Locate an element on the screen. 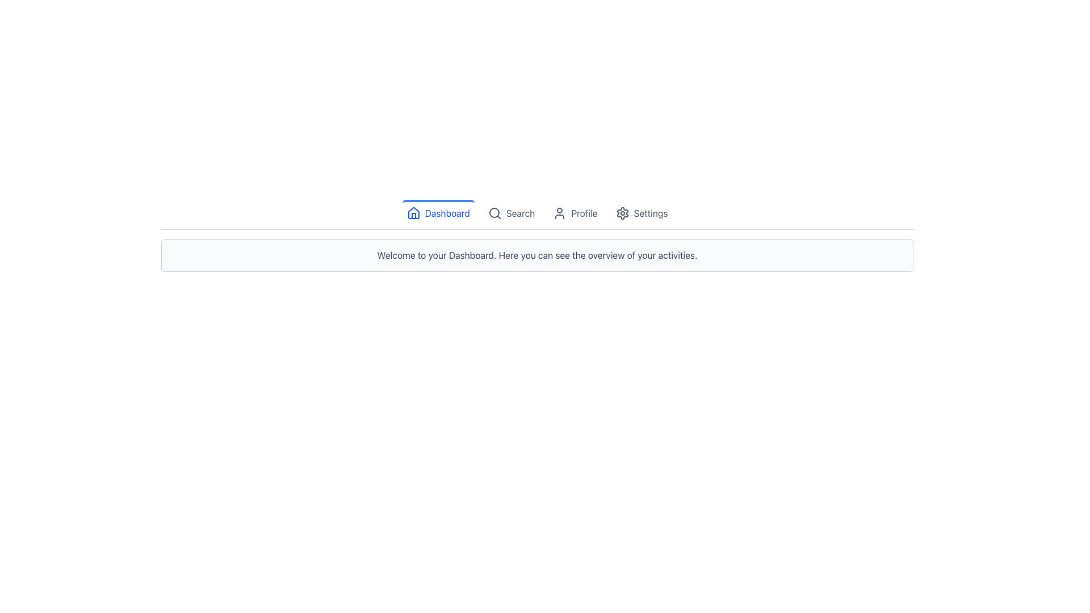  'Profile' label located in the navigation bar, which is the third item between 'Search' and 'Settings' is located at coordinates (584, 213).